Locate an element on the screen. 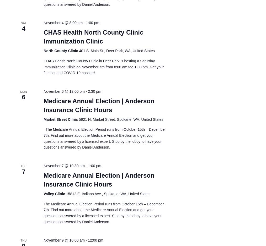  '6' is located at coordinates (23, 97).